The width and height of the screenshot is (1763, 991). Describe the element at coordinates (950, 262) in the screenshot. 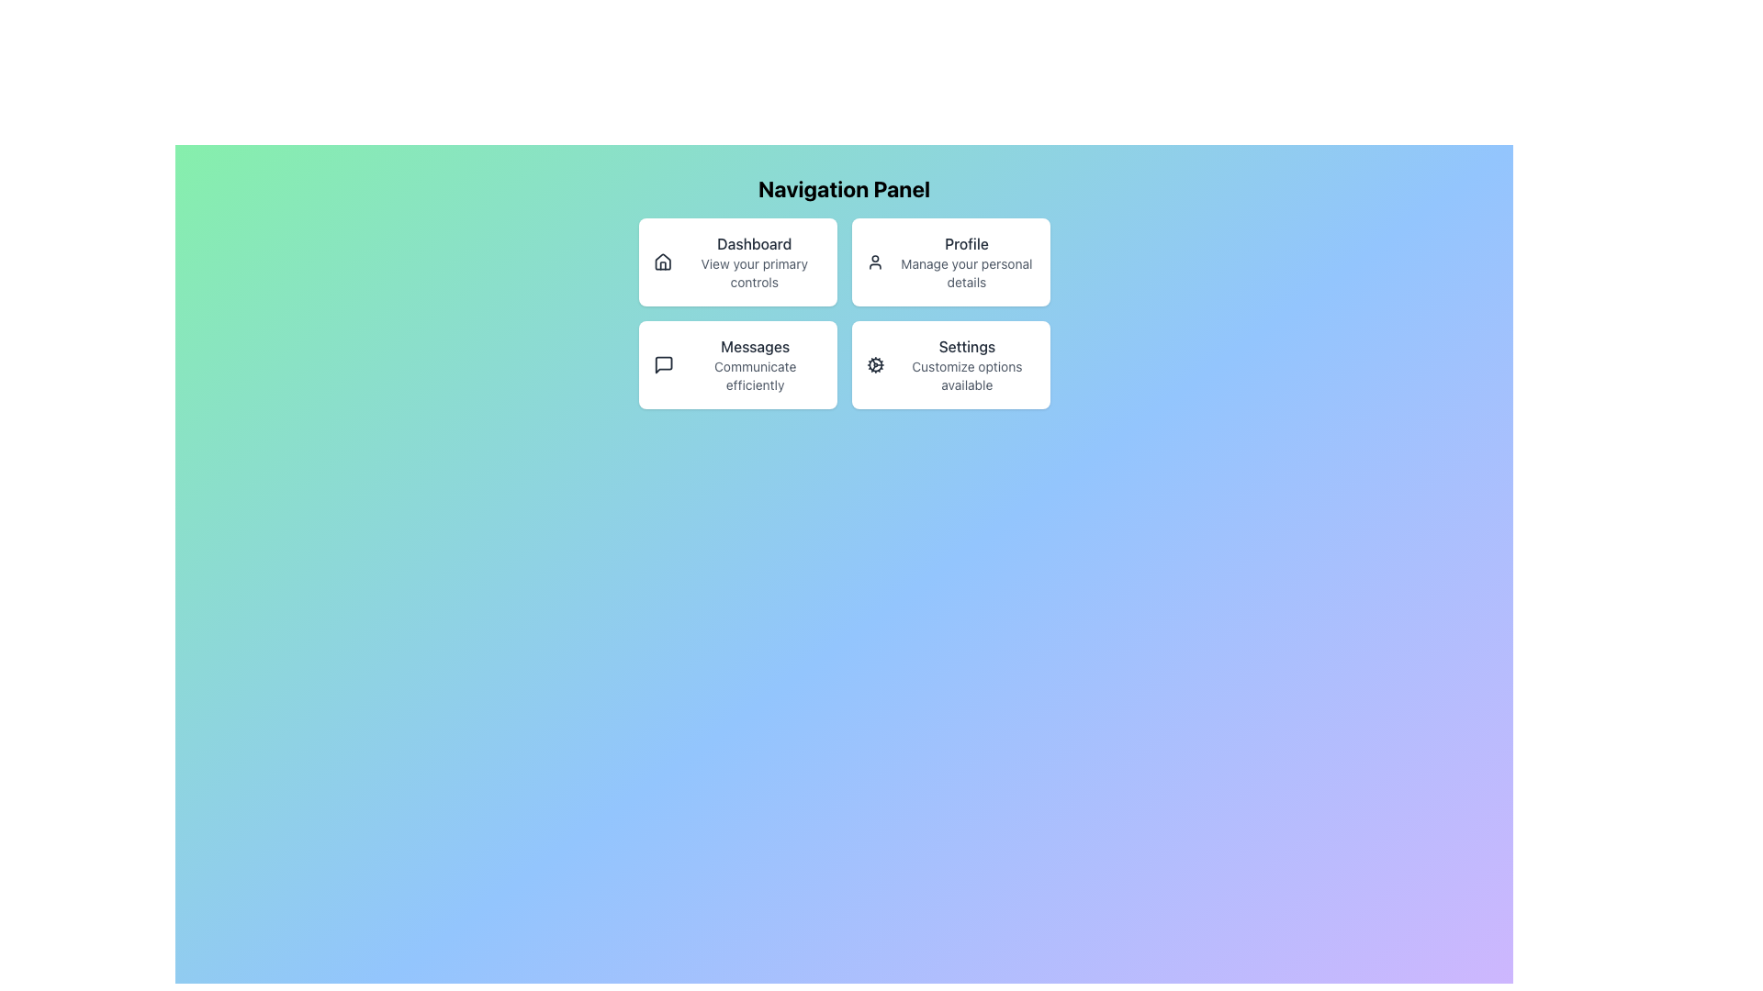

I see `the Card UI component that directs the user to manage their personal details, located in the top row, second column of the grid layout` at that location.